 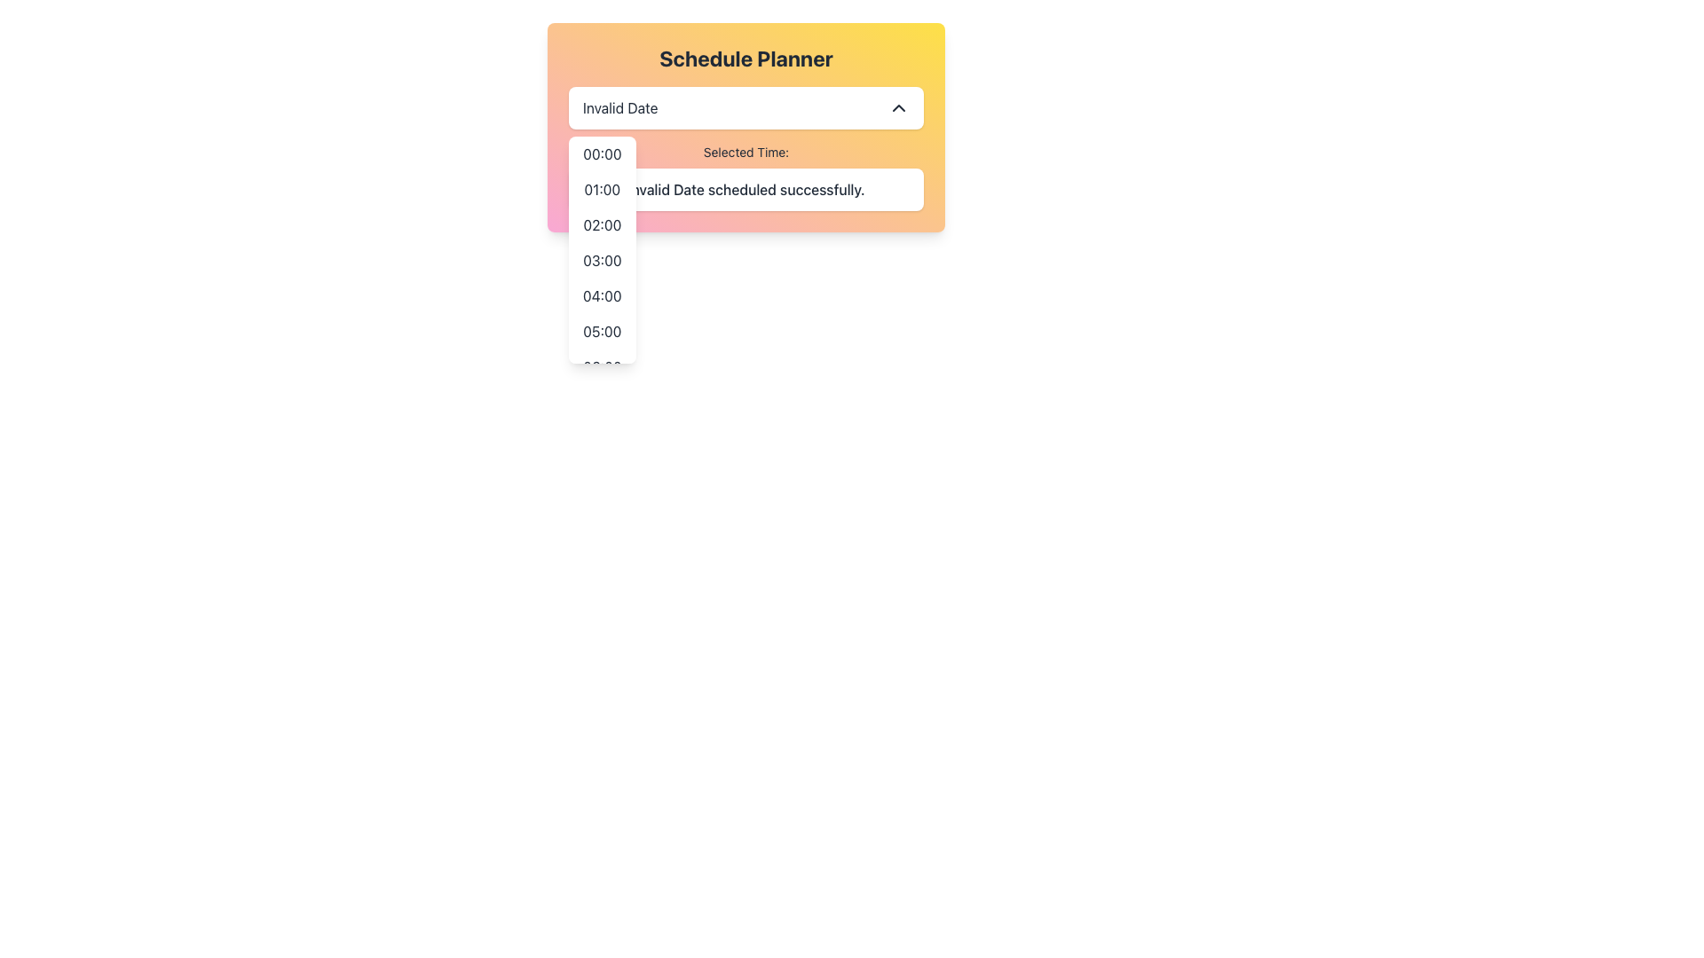 What do you see at coordinates (602, 153) in the screenshot?
I see `to select the time option '00:00' in the top-left corner of the time picker dropdown menu` at bounding box center [602, 153].